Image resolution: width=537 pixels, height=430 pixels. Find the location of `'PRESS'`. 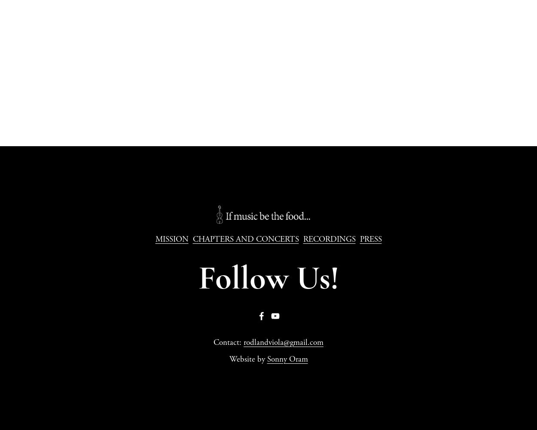

'PRESS' is located at coordinates (370, 239).